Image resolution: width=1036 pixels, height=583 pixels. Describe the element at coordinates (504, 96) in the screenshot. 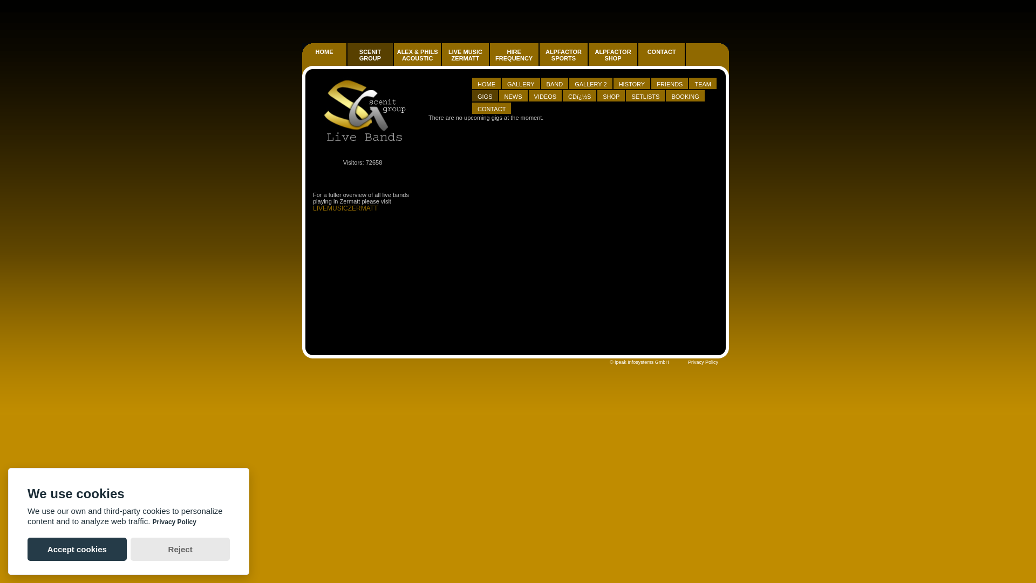

I see `'NEWS'` at that location.